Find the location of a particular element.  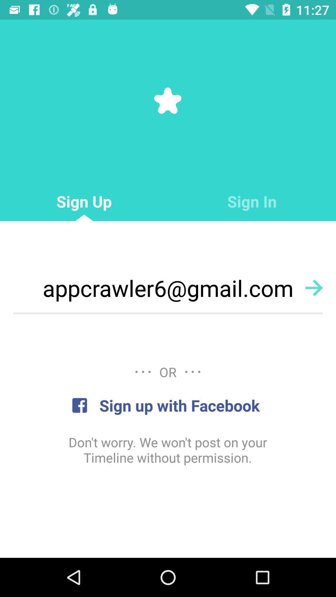

appcrawler6@gmail.com is located at coordinates (168, 288).